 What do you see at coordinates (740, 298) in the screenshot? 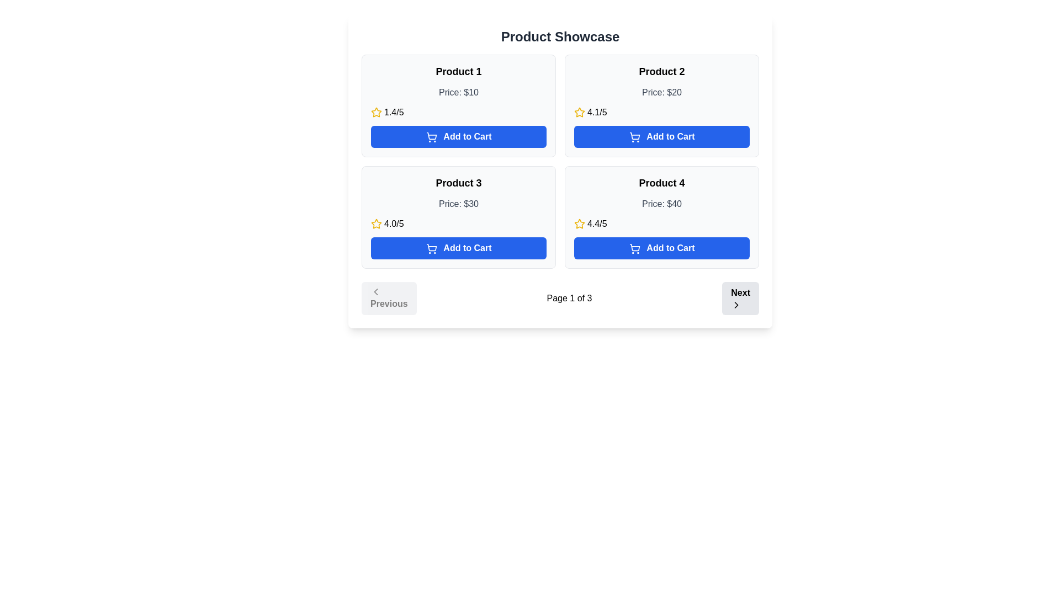
I see `the 'Next' button located at the bottom-right corner of the interface` at bounding box center [740, 298].